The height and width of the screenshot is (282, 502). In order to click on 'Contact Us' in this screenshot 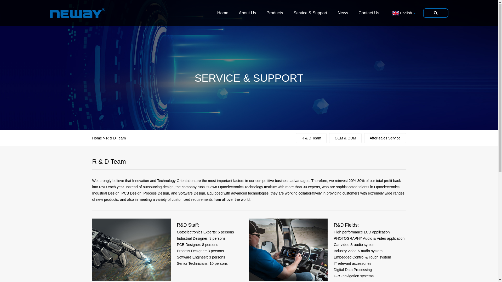, I will do `click(368, 13)`.